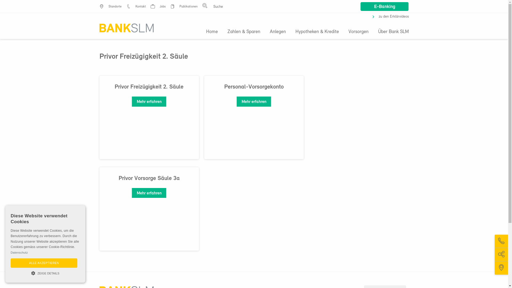 Image resolution: width=512 pixels, height=288 pixels. Describe the element at coordinates (162, 6) in the screenshot. I see `'Jobs'` at that location.